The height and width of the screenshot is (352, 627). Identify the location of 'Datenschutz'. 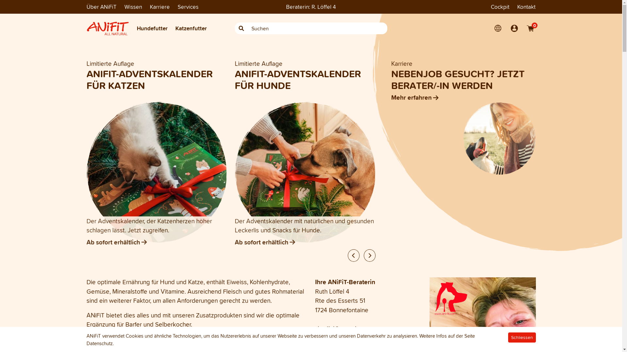
(99, 343).